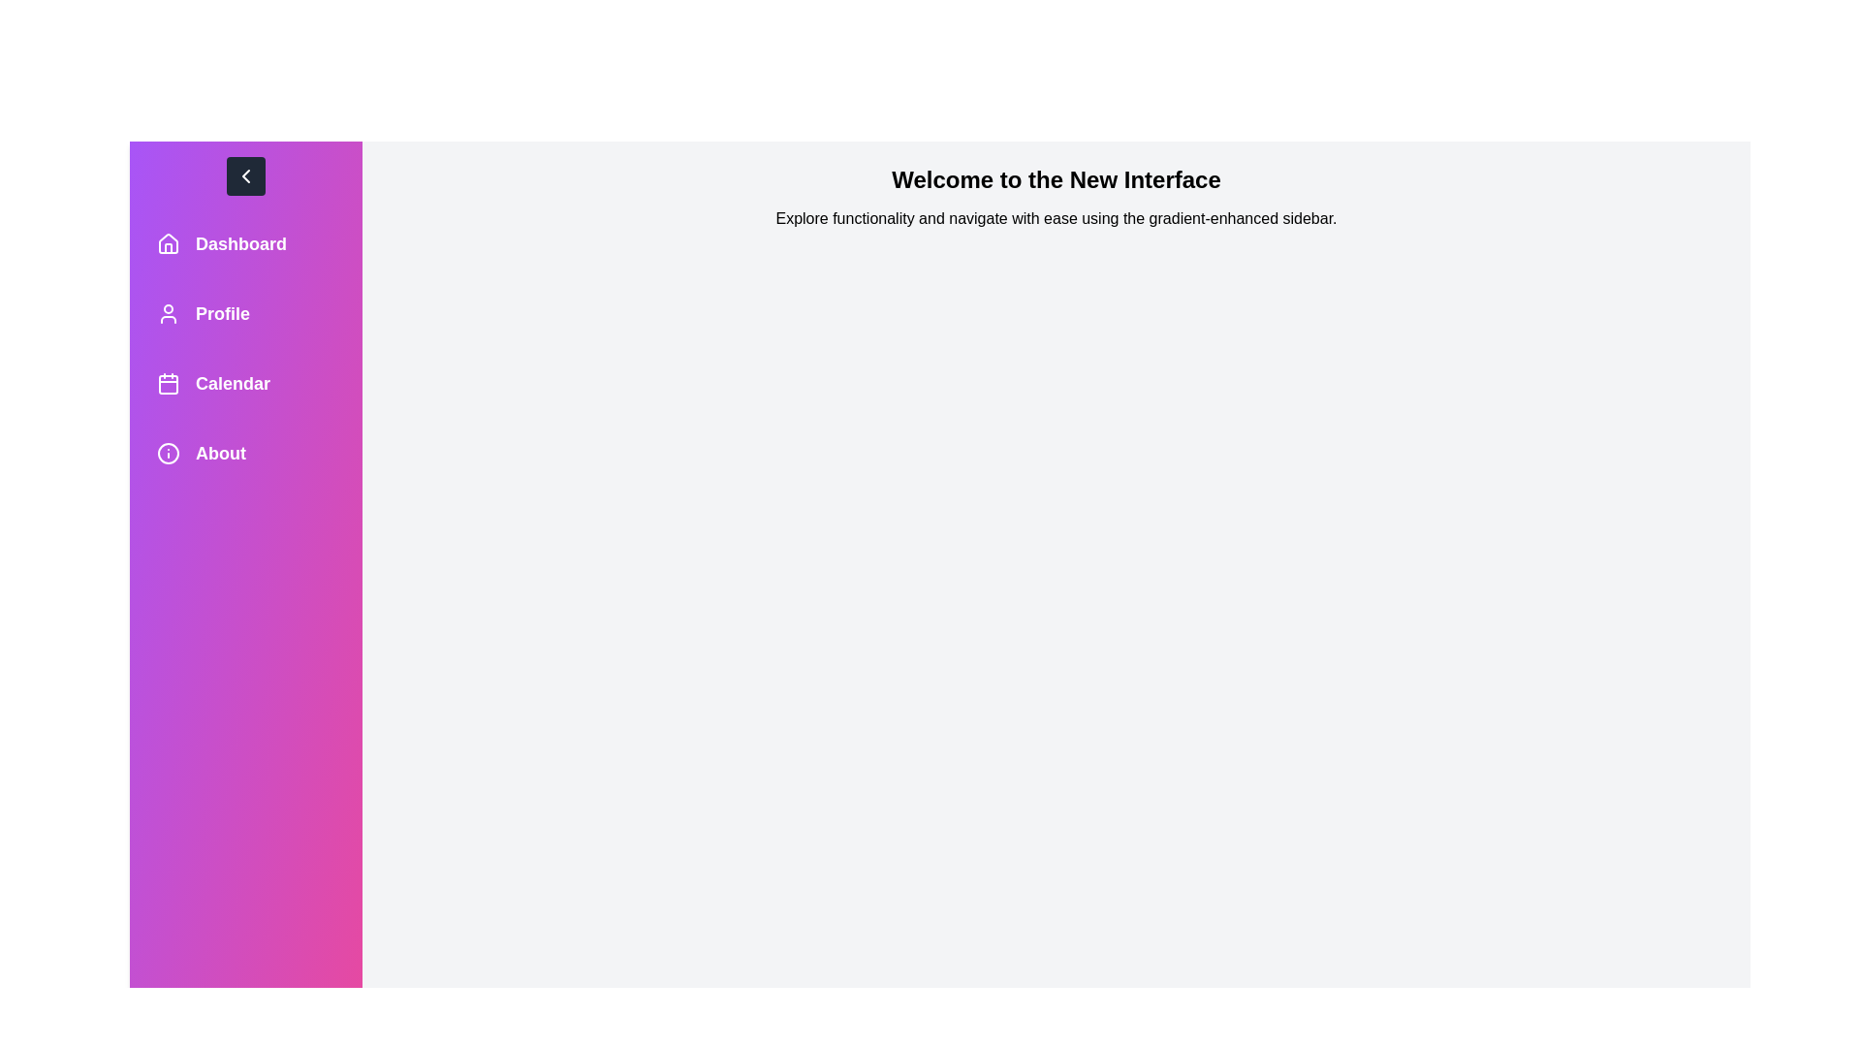 The height and width of the screenshot is (1047, 1861). What do you see at coordinates (245, 384) in the screenshot?
I see `the menu item labeled Calendar to navigate to the corresponding section` at bounding box center [245, 384].